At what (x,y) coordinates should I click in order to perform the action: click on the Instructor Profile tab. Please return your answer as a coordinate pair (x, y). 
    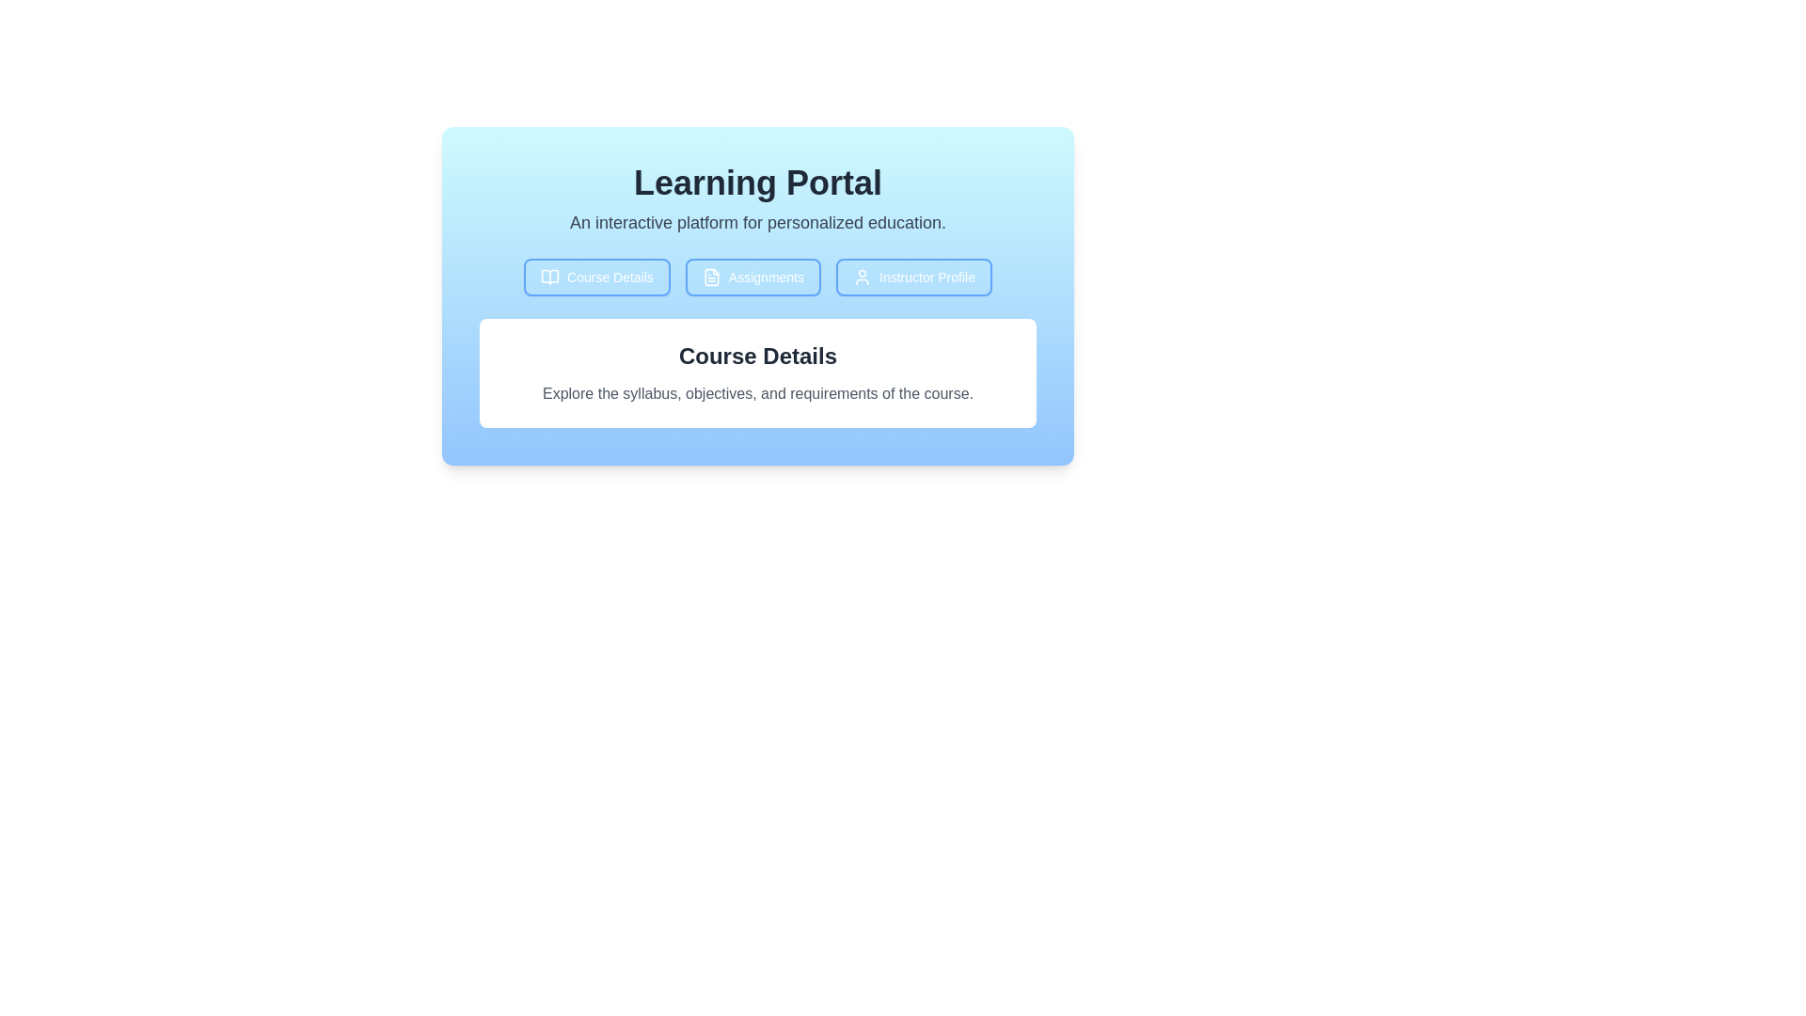
    Looking at the image, I should click on (913, 277).